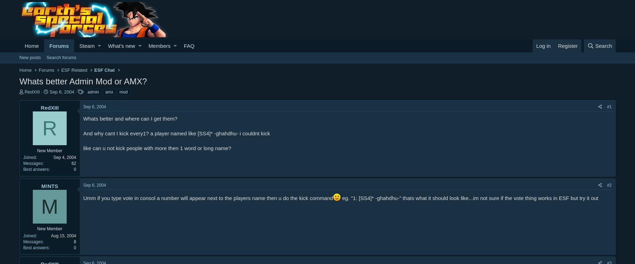  Describe the element at coordinates (61, 57) in the screenshot. I see `'Search forums'` at that location.